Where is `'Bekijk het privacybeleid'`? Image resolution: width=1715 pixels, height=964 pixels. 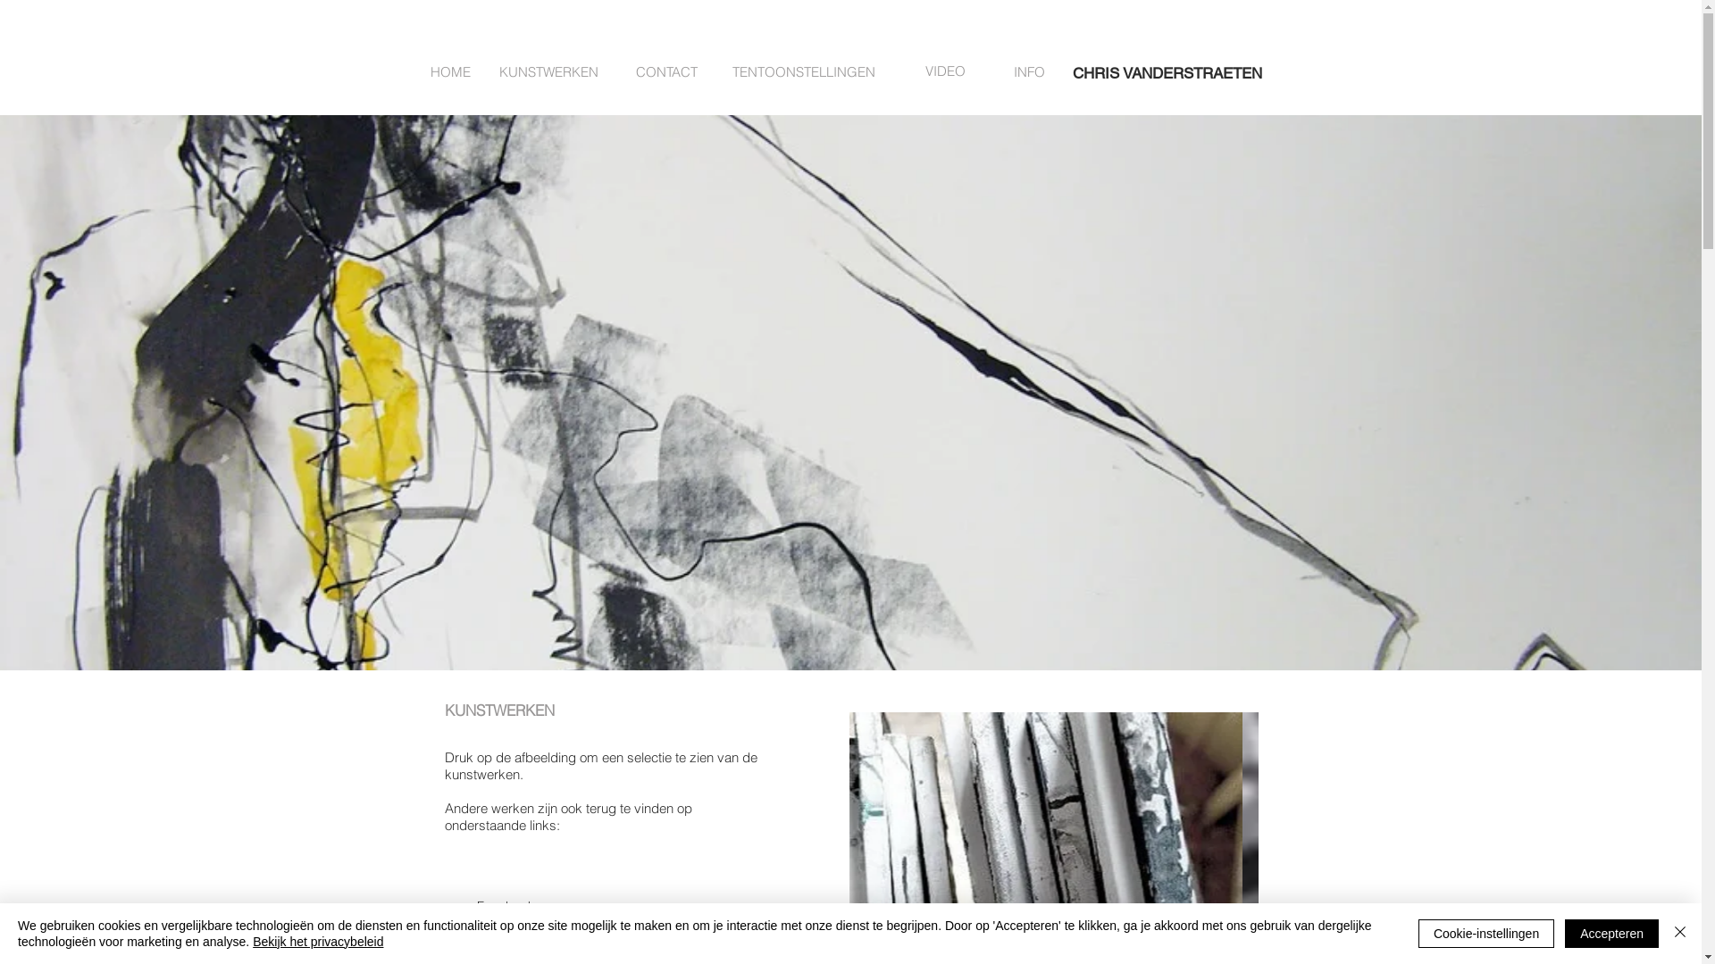 'Bekijk het privacybeleid' is located at coordinates (317, 941).